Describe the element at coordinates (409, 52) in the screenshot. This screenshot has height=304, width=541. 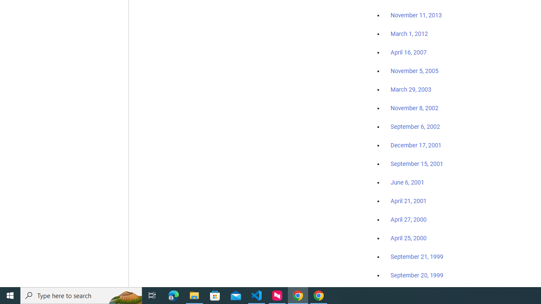
I see `'April 16, 2007'` at that location.